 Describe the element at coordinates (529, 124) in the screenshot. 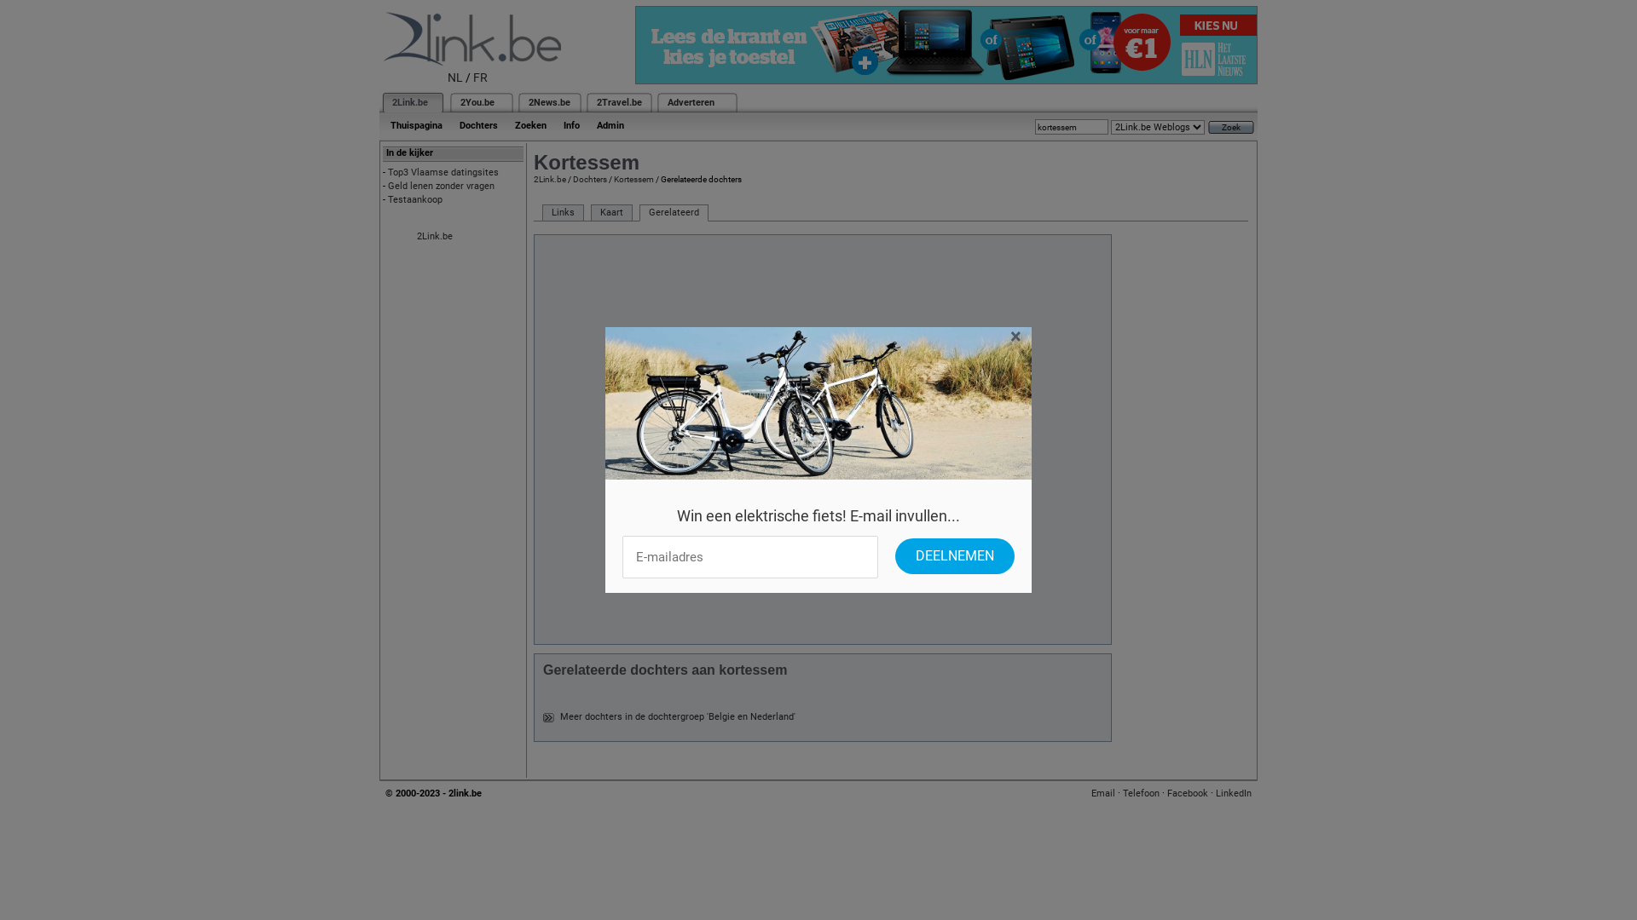

I see `'Zoeken'` at that location.